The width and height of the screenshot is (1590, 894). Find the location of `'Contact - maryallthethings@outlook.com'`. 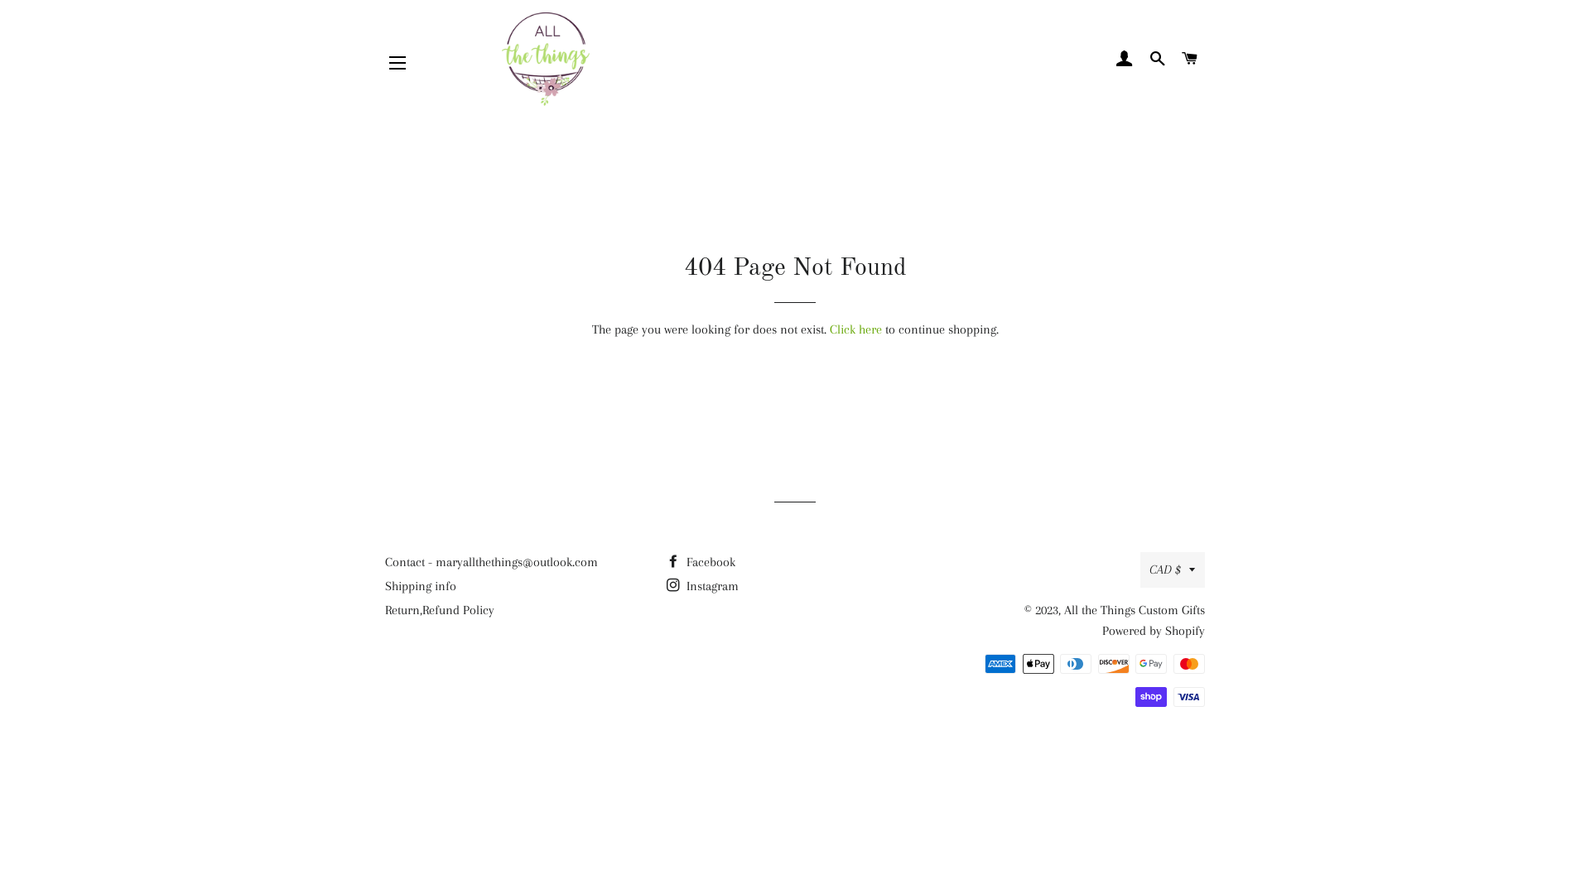

'Contact - maryallthethings@outlook.com' is located at coordinates (490, 560).